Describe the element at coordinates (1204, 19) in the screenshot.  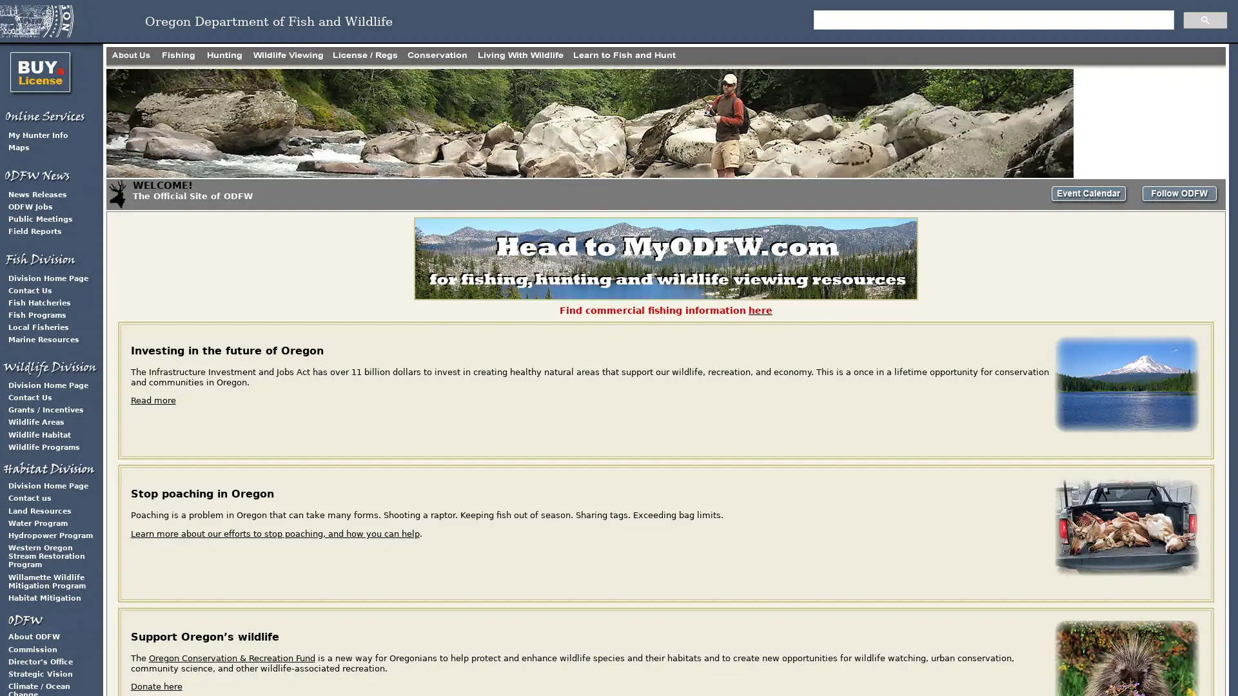
I see `search` at that location.